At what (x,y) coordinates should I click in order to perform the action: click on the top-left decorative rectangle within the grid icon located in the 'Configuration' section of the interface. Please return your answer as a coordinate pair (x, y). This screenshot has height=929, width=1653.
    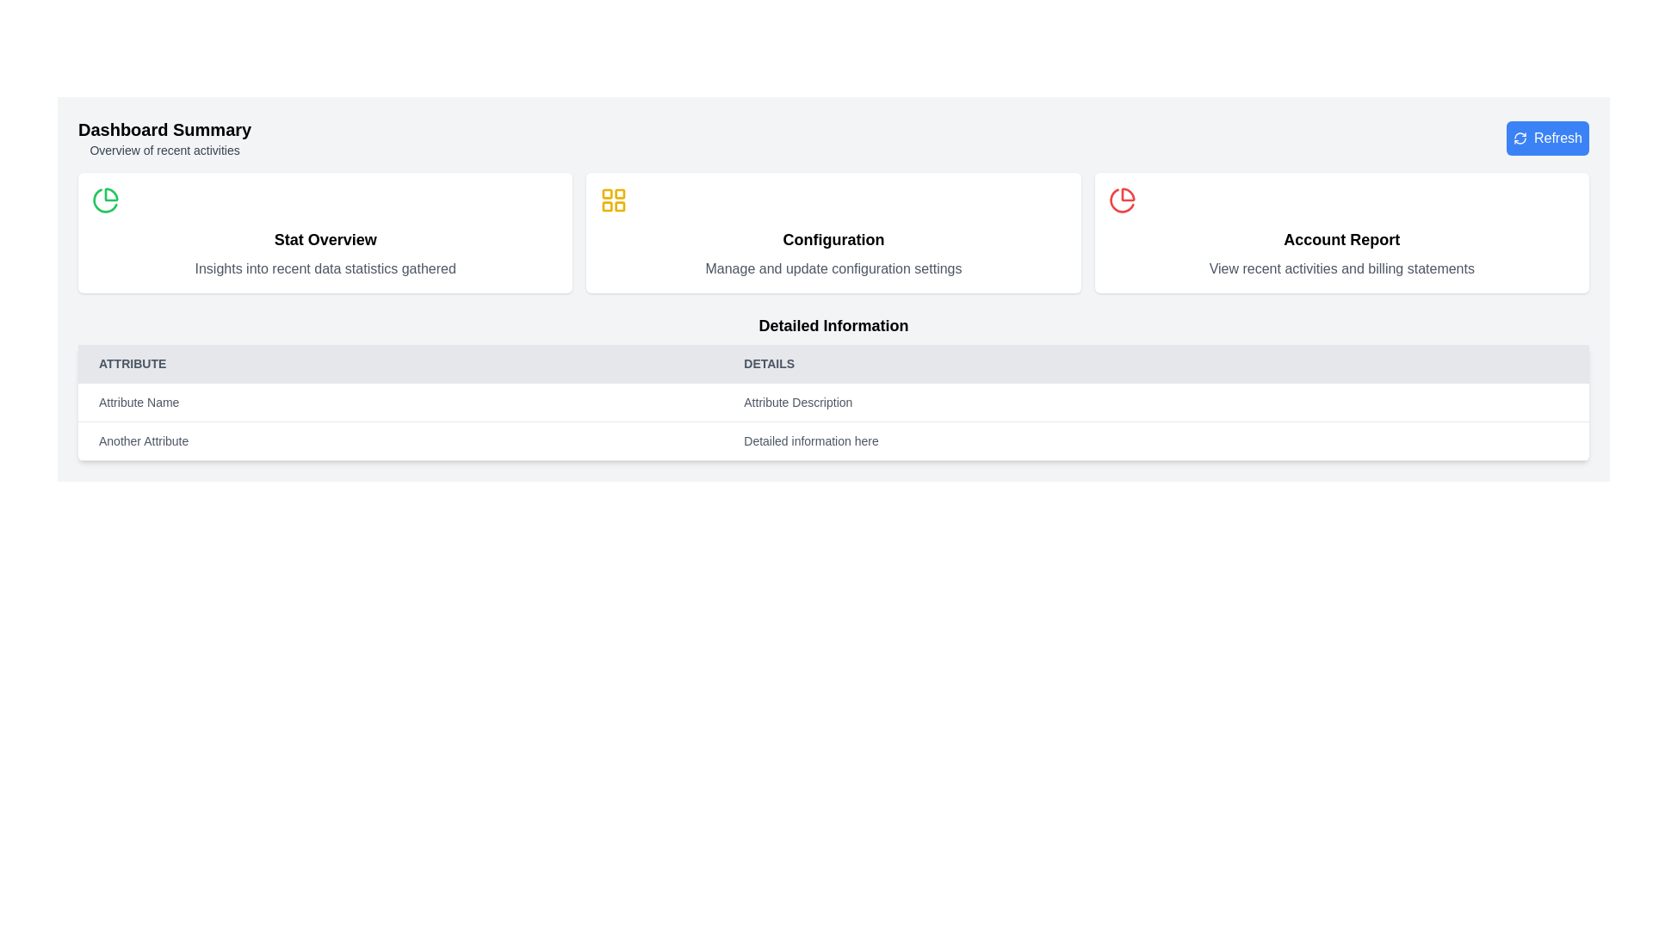
    Looking at the image, I should click on (607, 194).